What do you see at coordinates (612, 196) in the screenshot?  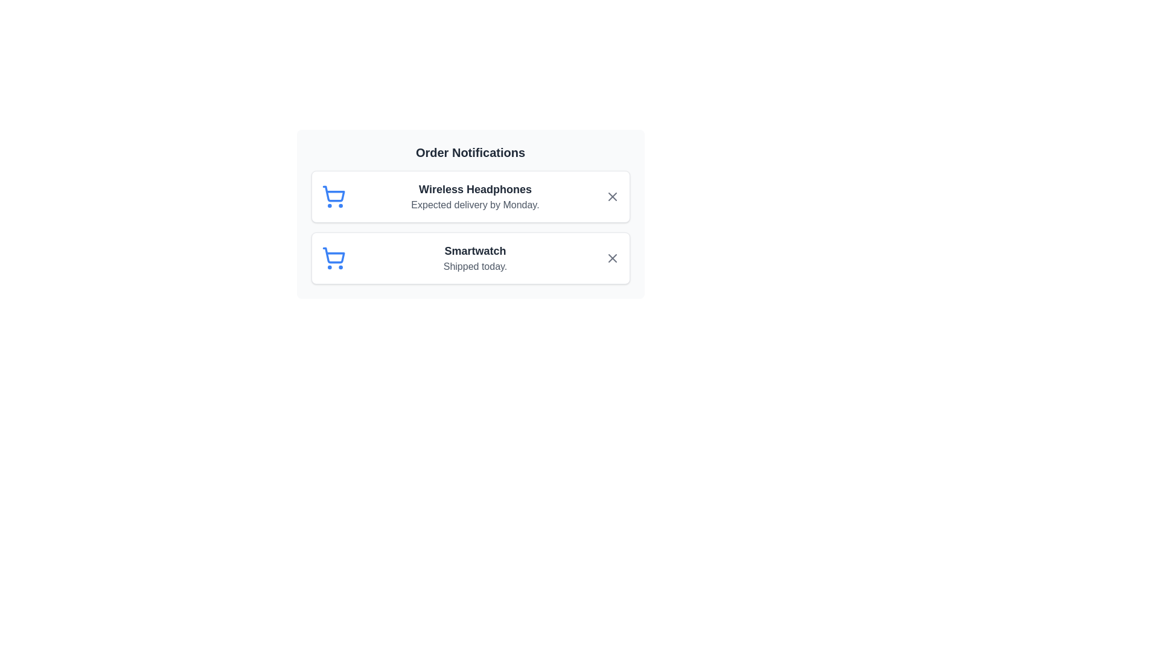 I see `the close button of the order identified by Wireless Headphones` at bounding box center [612, 196].